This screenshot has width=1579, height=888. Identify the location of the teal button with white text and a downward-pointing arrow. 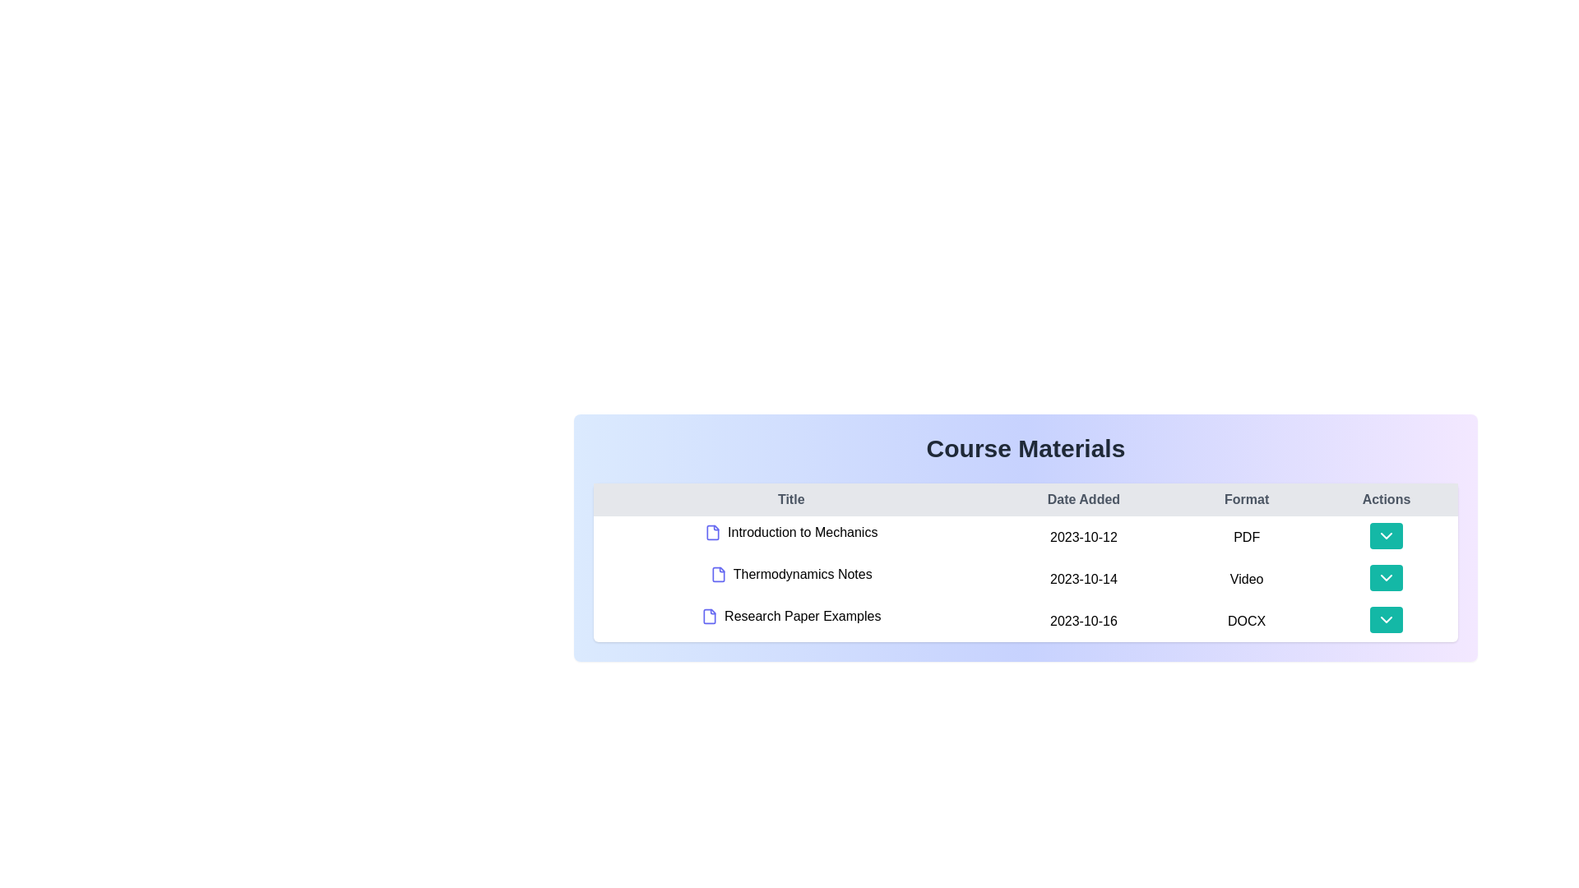
(1385, 576).